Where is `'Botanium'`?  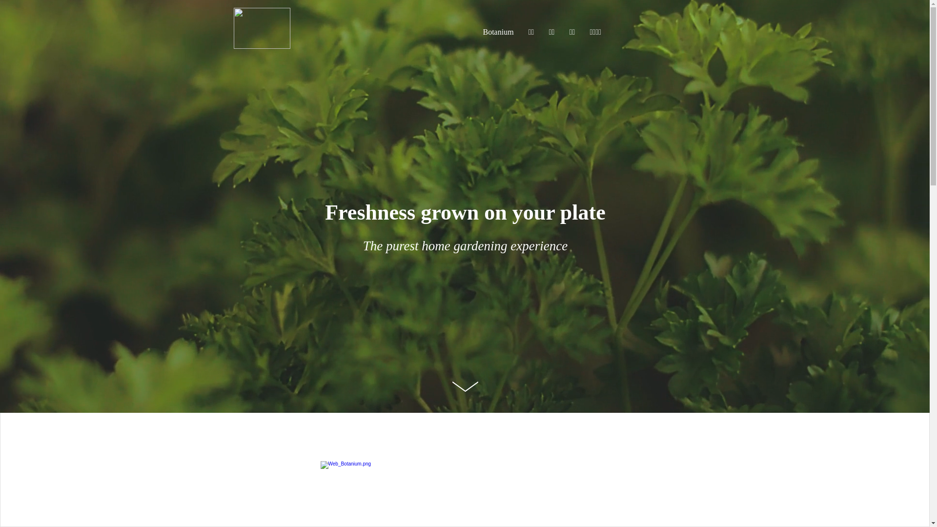
'Botanium' is located at coordinates (498, 31).